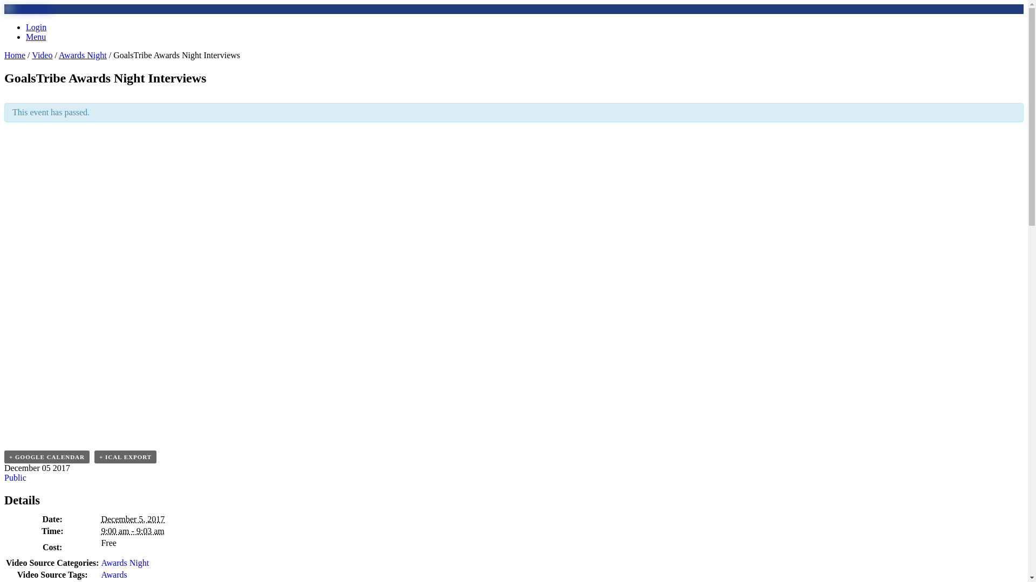 This screenshot has width=1036, height=582. What do you see at coordinates (4, 457) in the screenshot?
I see `'+ GOOGLE CALENDAR'` at bounding box center [4, 457].